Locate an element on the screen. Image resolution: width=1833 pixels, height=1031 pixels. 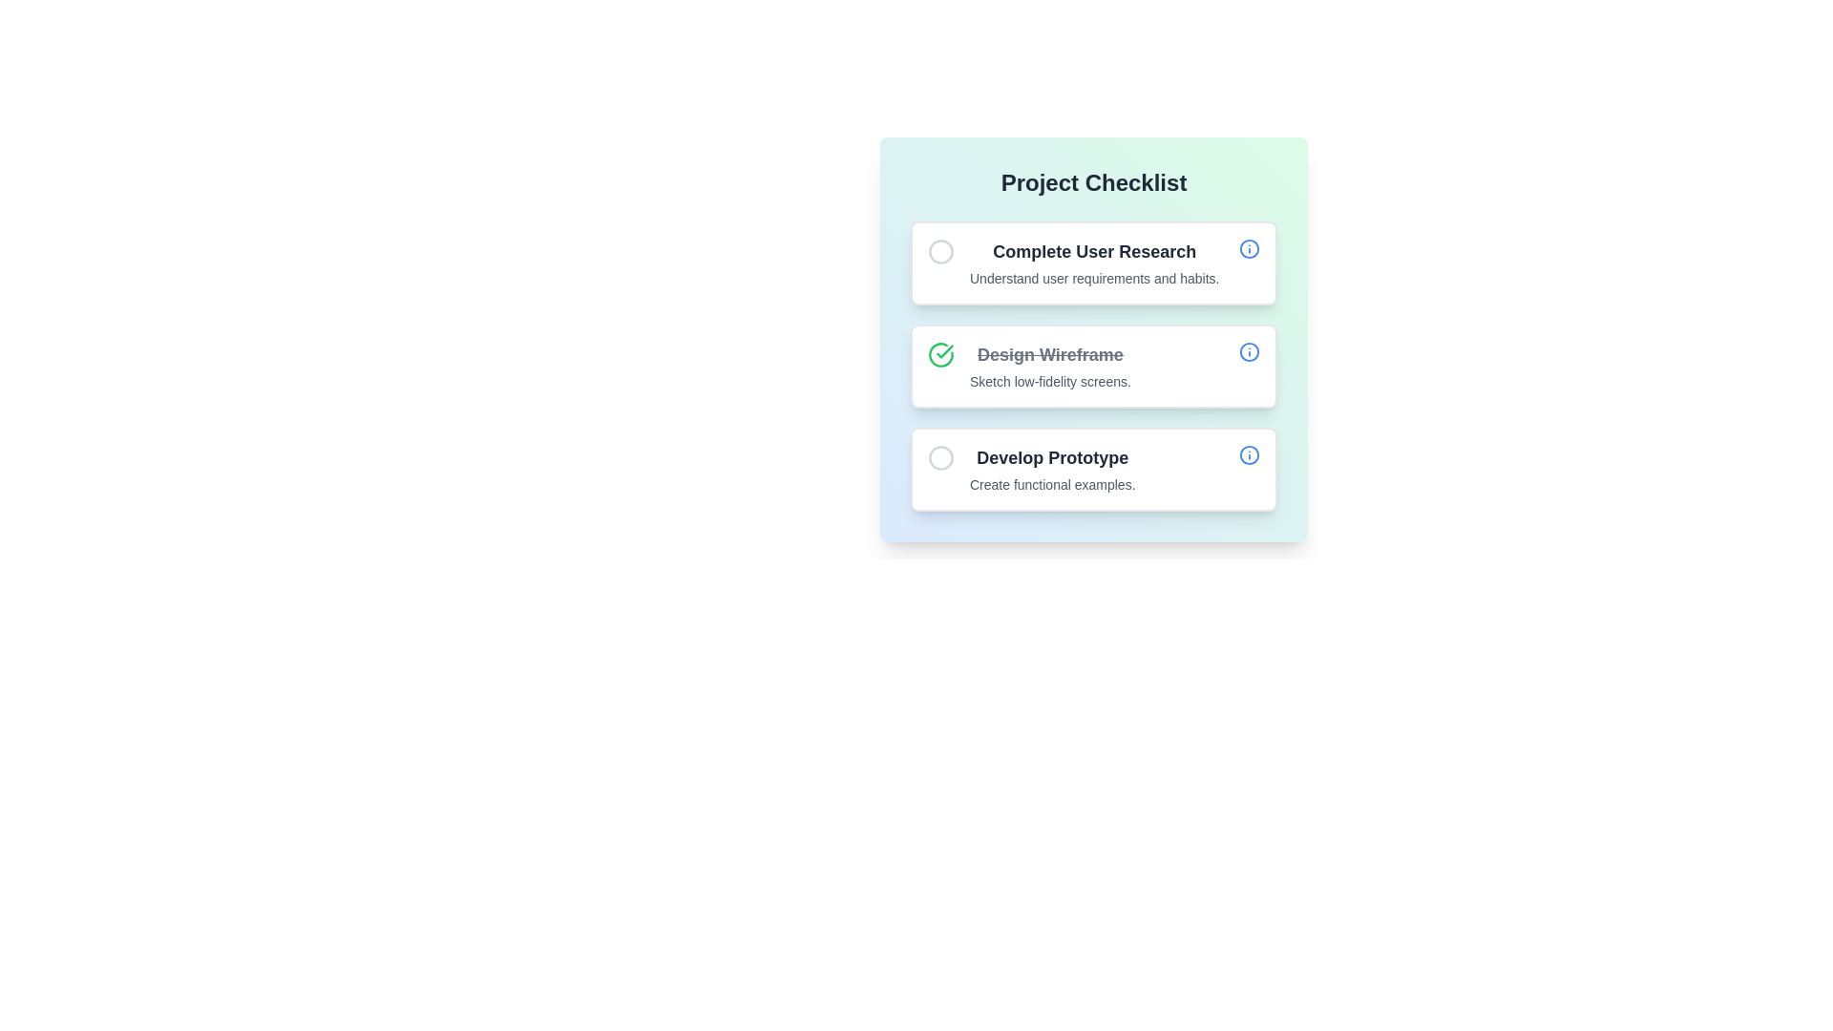
the 'Complete User Research' text label is located at coordinates (1094, 250).